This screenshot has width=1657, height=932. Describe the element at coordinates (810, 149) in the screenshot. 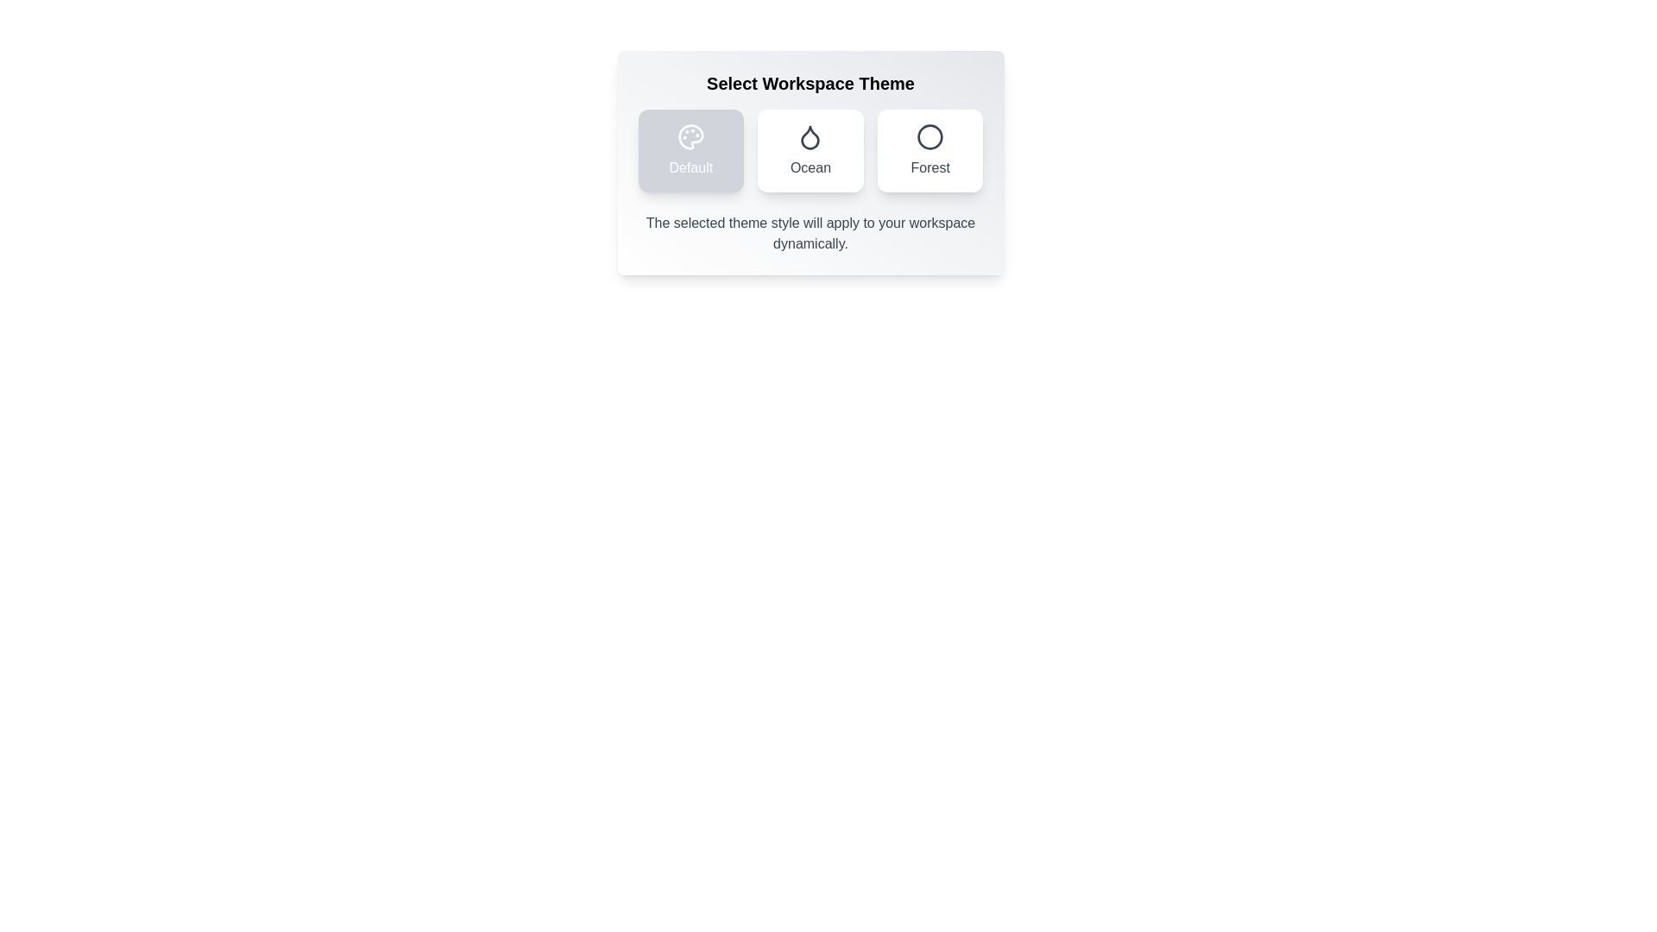

I see `the Ocean theme option to observe the visual feedback` at that location.